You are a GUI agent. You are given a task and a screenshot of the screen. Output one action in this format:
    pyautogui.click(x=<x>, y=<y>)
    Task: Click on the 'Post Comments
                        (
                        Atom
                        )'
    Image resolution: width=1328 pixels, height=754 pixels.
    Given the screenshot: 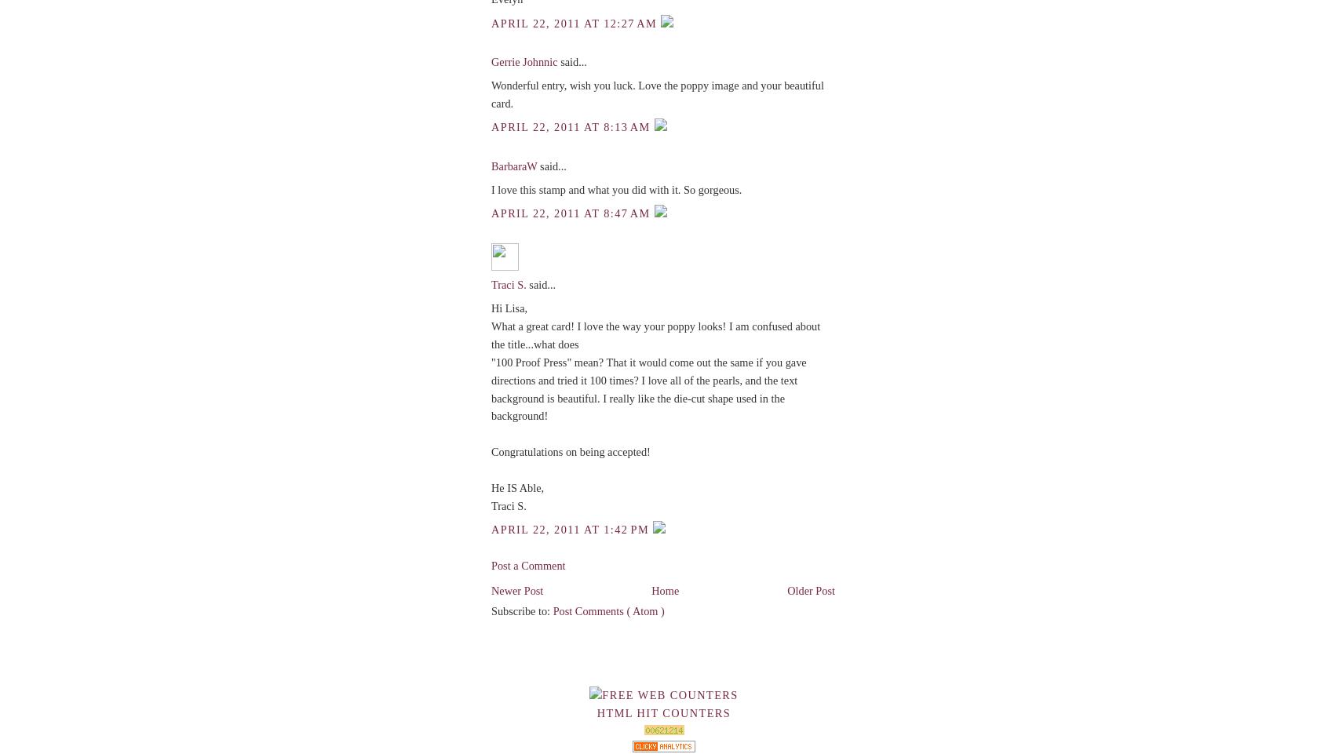 What is the action you would take?
    pyautogui.click(x=553, y=610)
    